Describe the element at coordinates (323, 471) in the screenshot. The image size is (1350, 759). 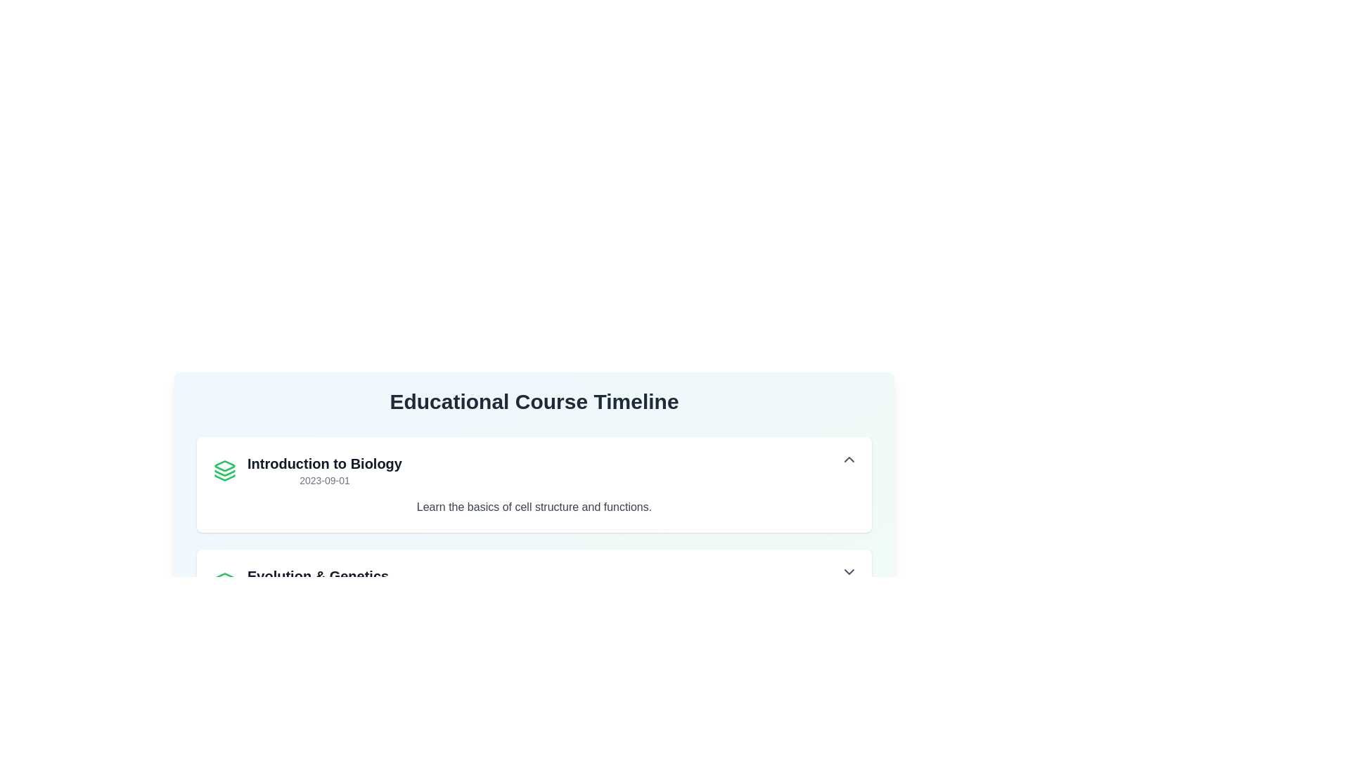
I see `text content block that describes the course entry, which is located to the right of a green layered icon in the first row of the 'Educational Course Timeline' section` at that location.